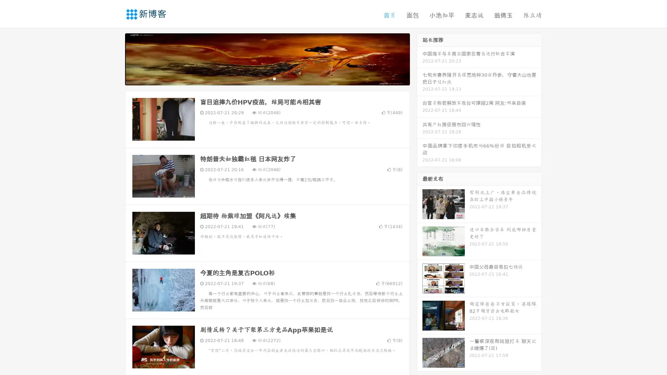 The width and height of the screenshot is (667, 375). I want to click on Next slide, so click(420, 58).